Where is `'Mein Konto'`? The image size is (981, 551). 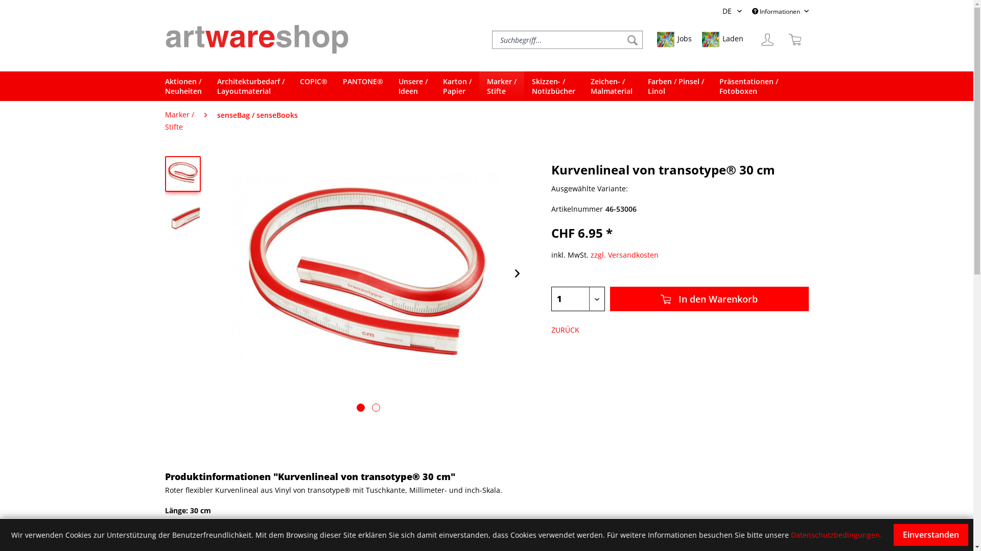
'Mein Konto' is located at coordinates (767, 39).